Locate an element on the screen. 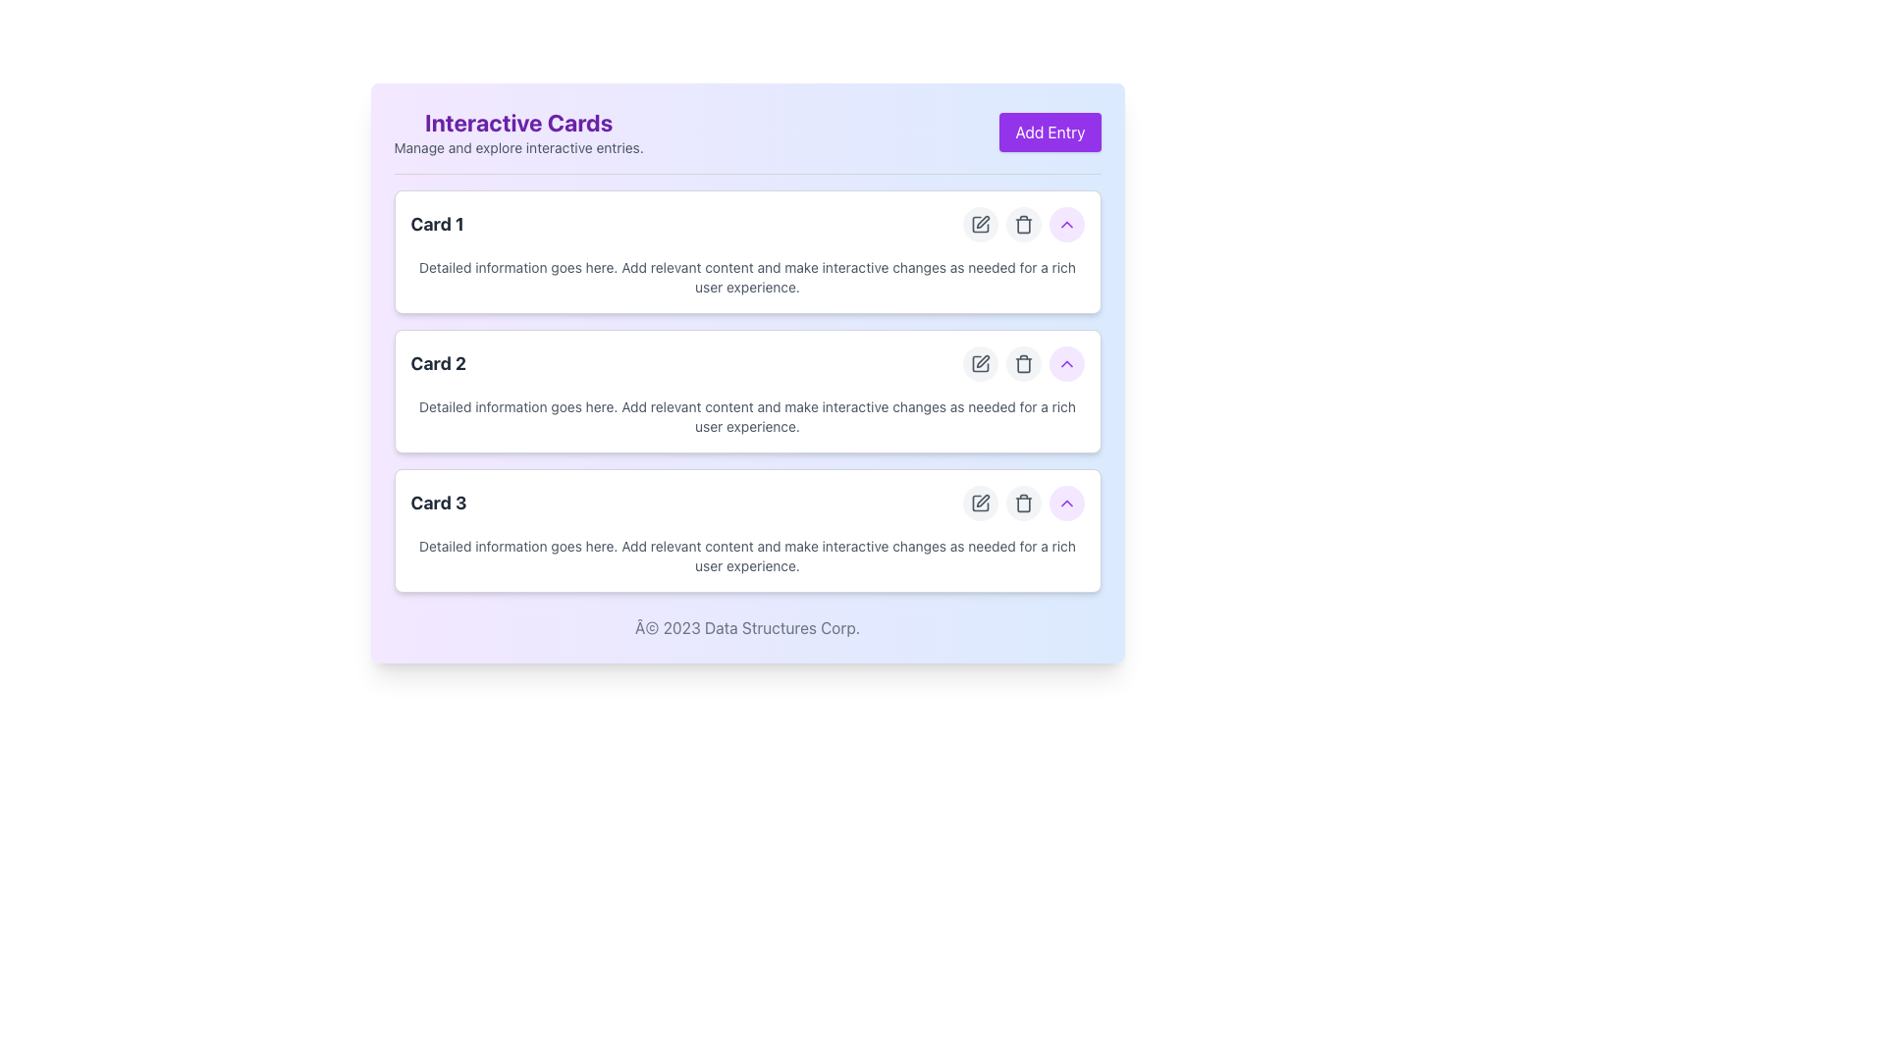 This screenshot has height=1060, width=1885. the upward-pointing chevron-shaped icon with a purple hue located in the right corner of the third card is located at coordinates (1065, 223).